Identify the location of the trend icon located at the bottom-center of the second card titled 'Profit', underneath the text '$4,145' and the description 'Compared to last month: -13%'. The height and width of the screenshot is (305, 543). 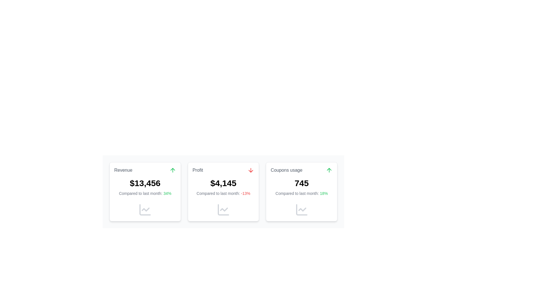
(223, 210).